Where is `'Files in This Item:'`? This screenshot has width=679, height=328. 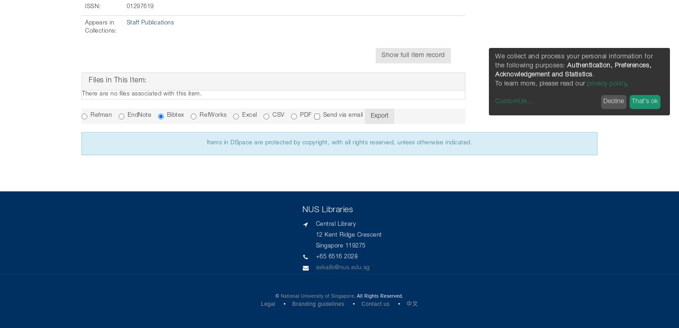
'Files in This Item:' is located at coordinates (117, 81).